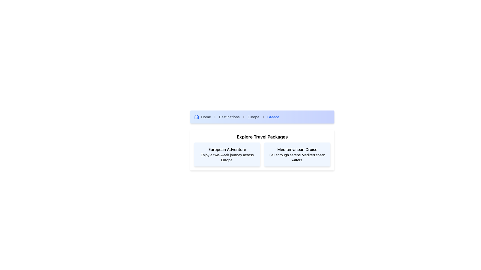  I want to click on the Breadcrumb Navigation Bar, which is the last part of a breadcrumb navigation sequence, following 'Home', 'Destinations', and 'Europe', so click(262, 117).